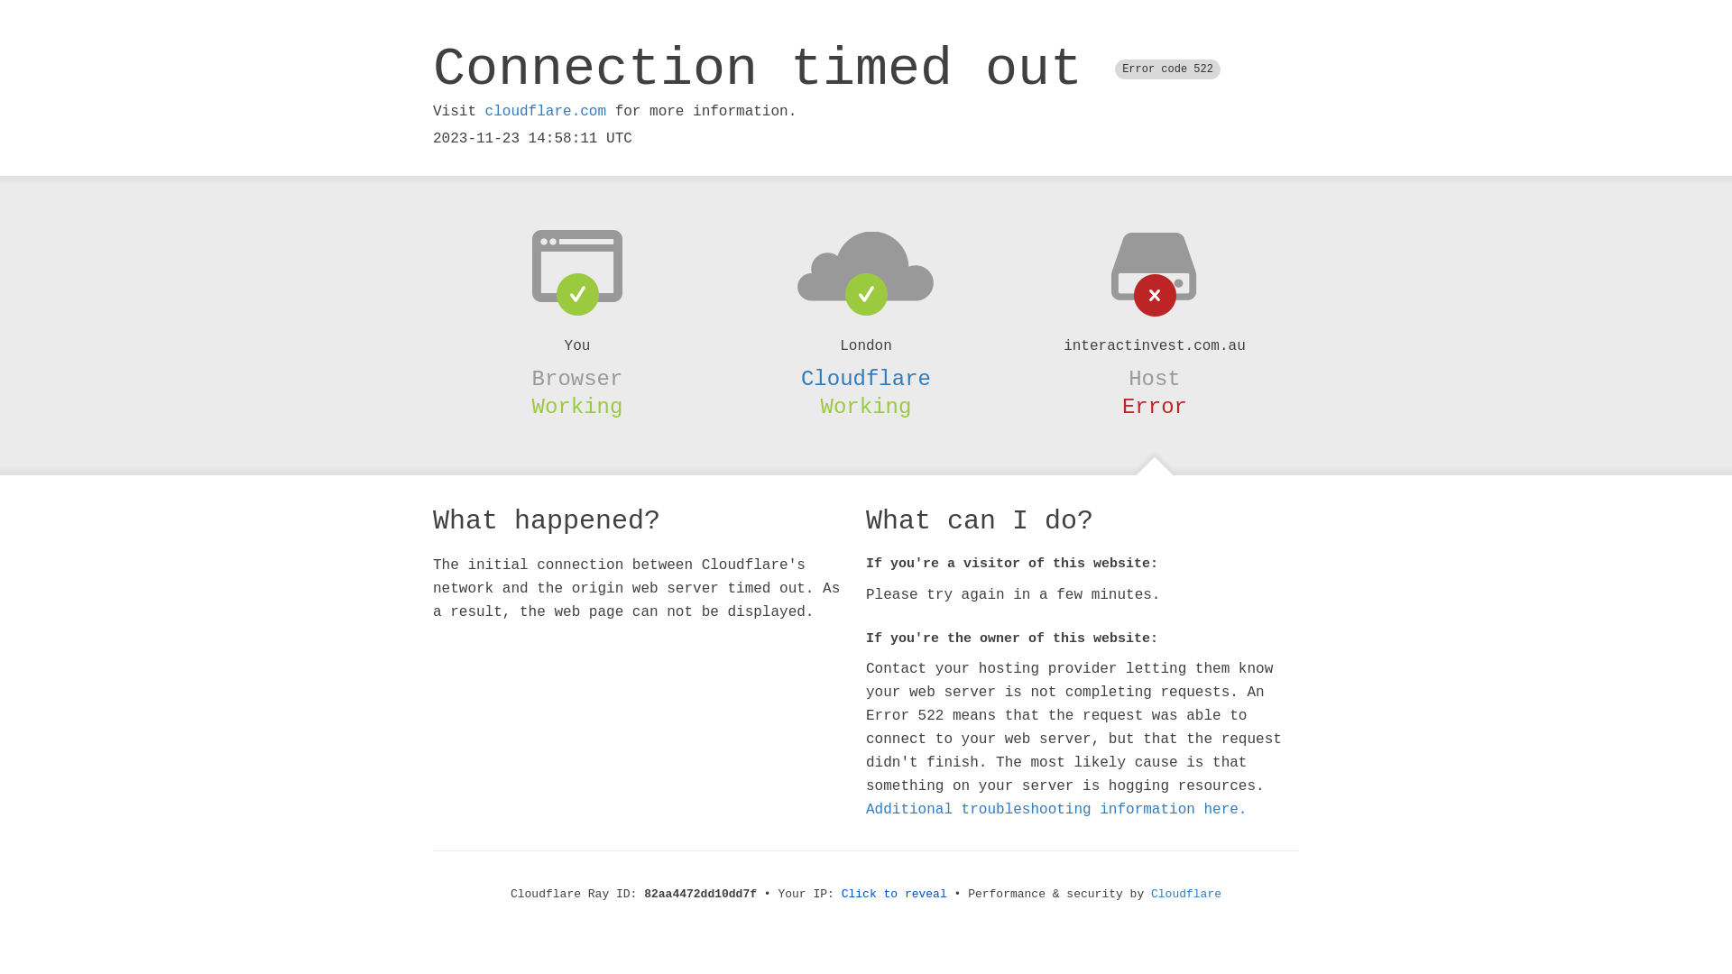 Image resolution: width=1732 pixels, height=974 pixels. What do you see at coordinates (1056, 809) in the screenshot?
I see `'Additional troubleshooting information here.'` at bounding box center [1056, 809].